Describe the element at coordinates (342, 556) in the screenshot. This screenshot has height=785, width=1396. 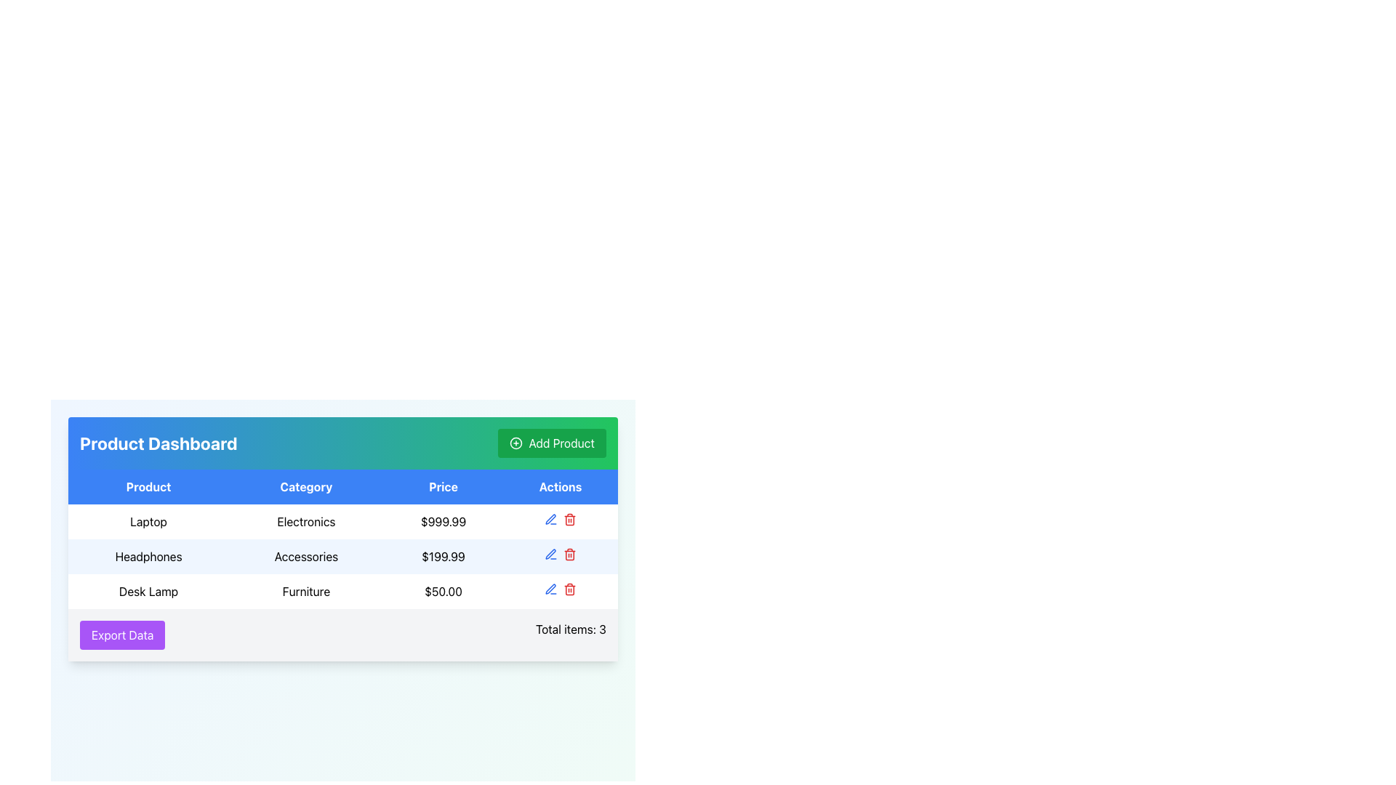
I see `the second row of the product listing table that displays 'Headphones' under the 'Accessories' category with a price of '$199.99'` at that location.